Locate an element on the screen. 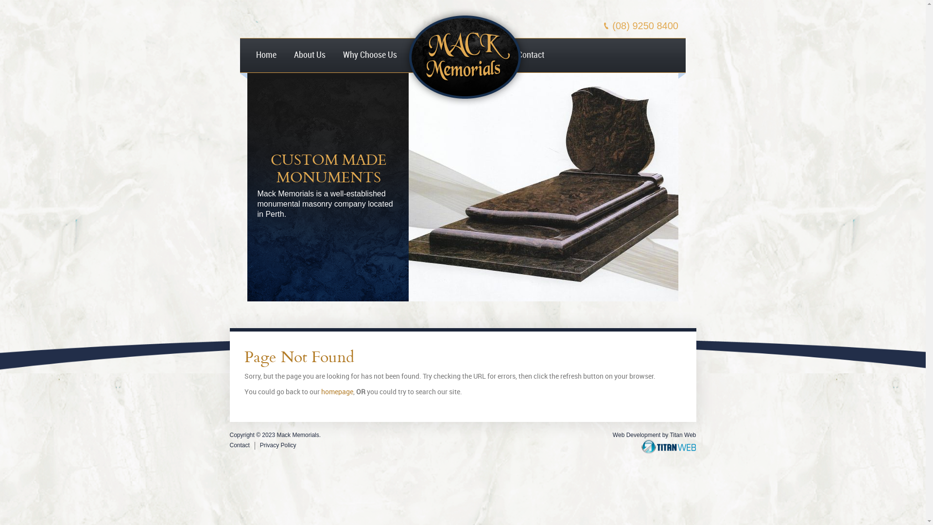  'Contact' is located at coordinates (239, 445).